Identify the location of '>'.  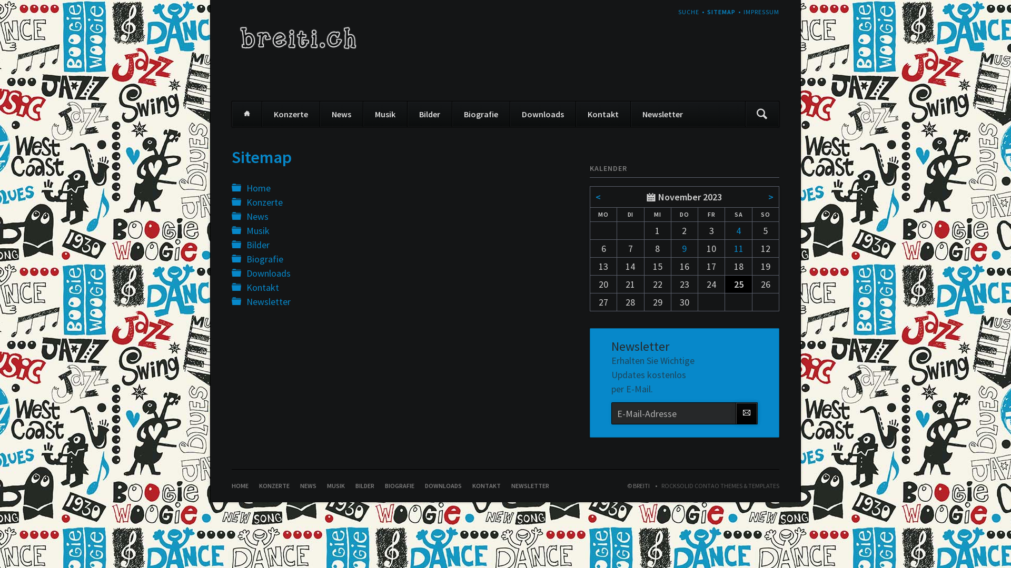
(771, 197).